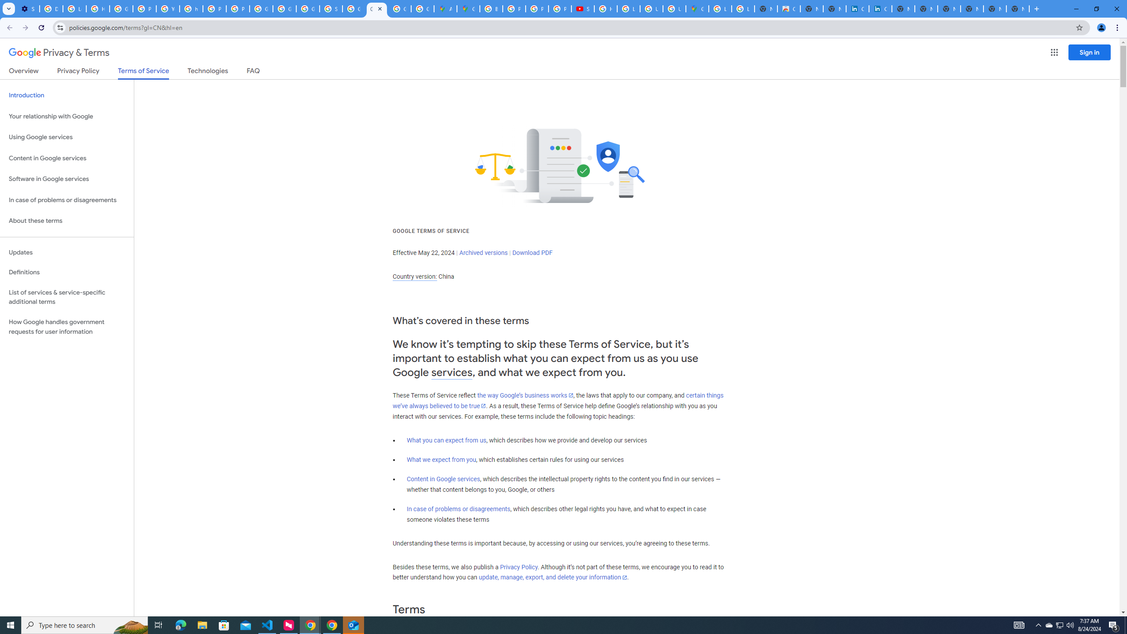 The image size is (1127, 634). I want to click on 'Privacy Help Center - Policies Help', so click(536, 8).